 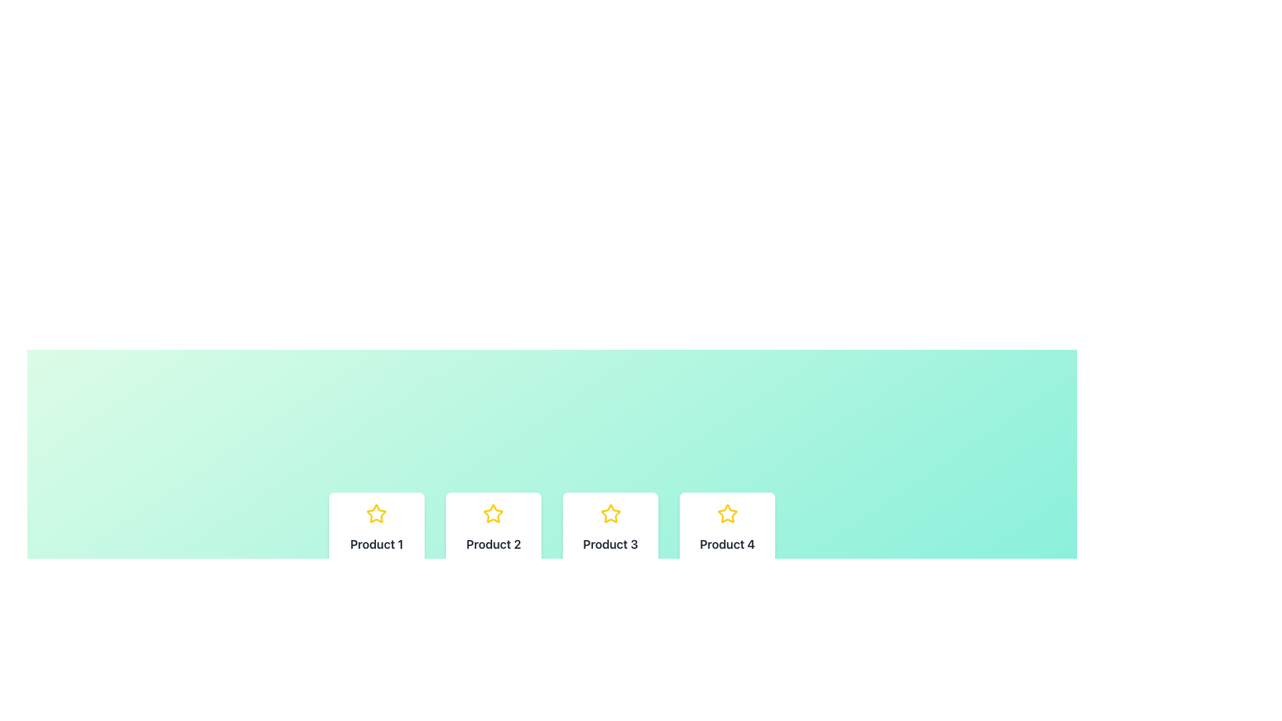 What do you see at coordinates (726, 545) in the screenshot?
I see `the text label displaying 'Product 4' at the bottom of the card to trigger tooltips or highlights` at bounding box center [726, 545].